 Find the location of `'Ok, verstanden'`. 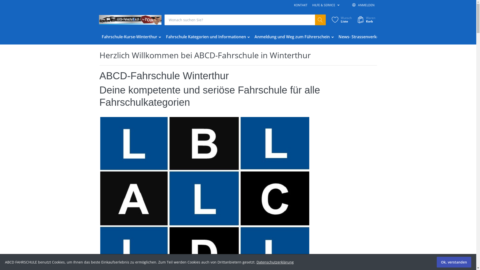

'Ok, verstanden' is located at coordinates (454, 262).